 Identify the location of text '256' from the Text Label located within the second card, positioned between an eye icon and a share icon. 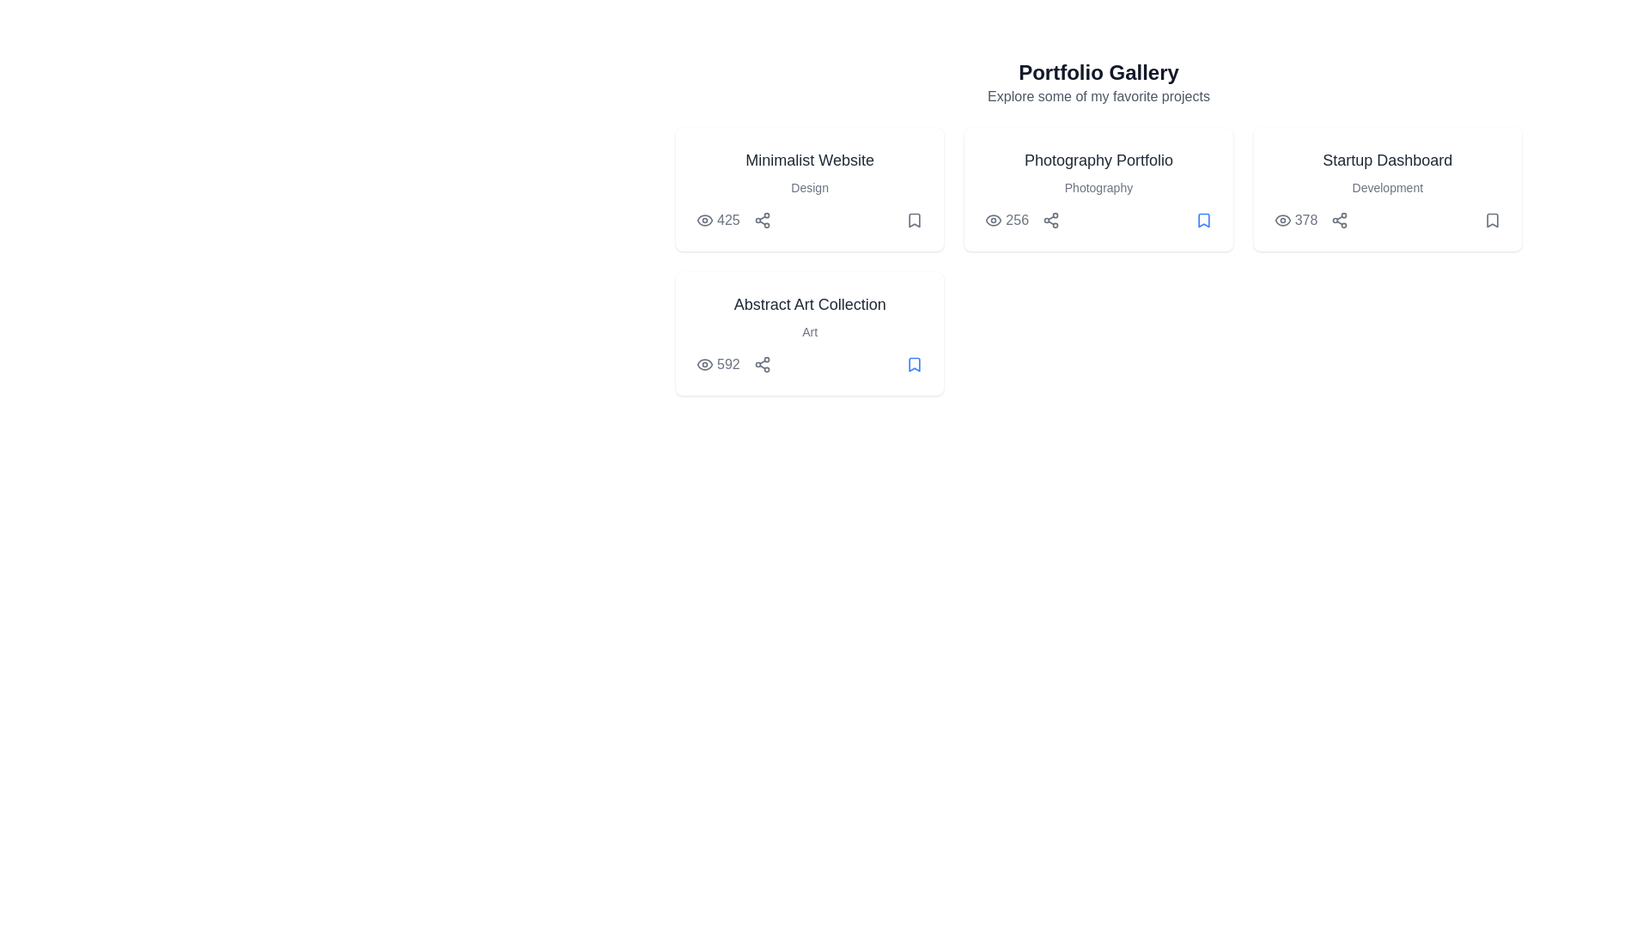
(1022, 220).